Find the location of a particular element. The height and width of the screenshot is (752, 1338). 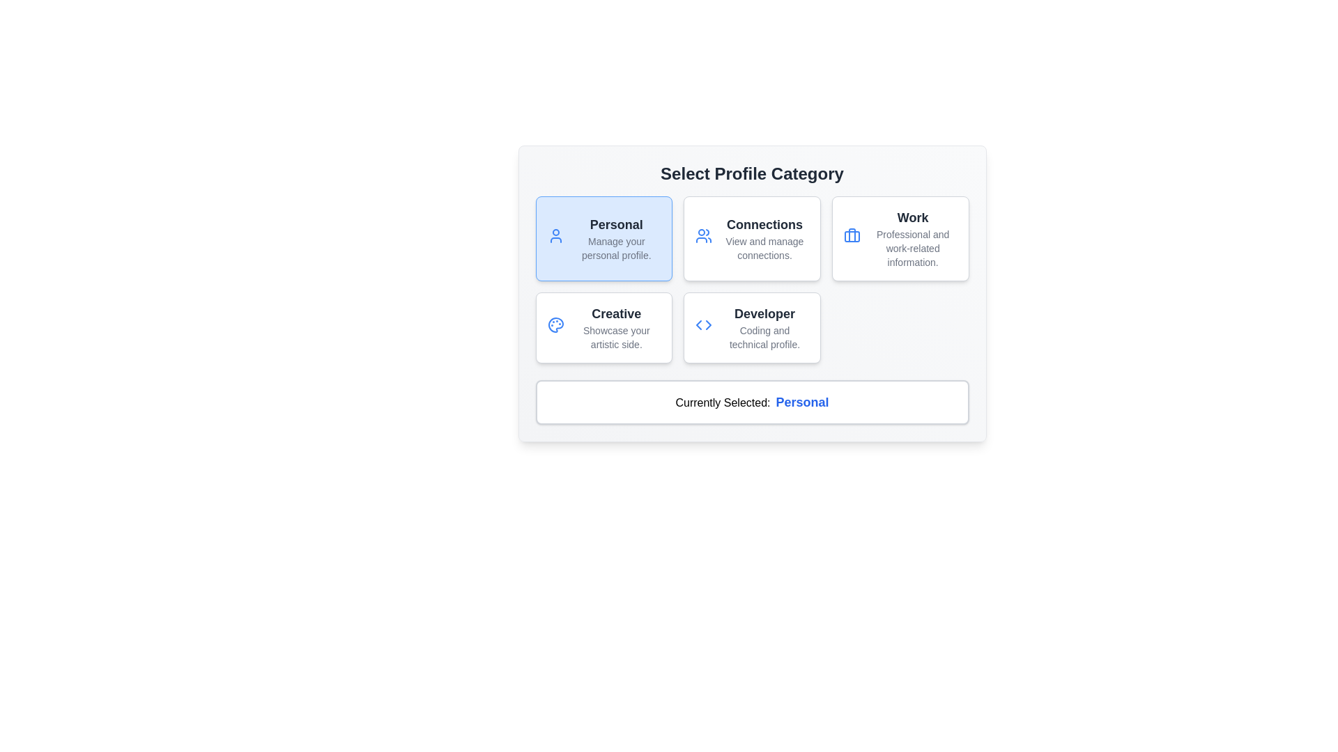

the user icon, which is represented by a simplified outline of a person in blue color, located within the light blue rectangular box labeled 'Personal' near the top left of the component grid is located at coordinates (555, 235).